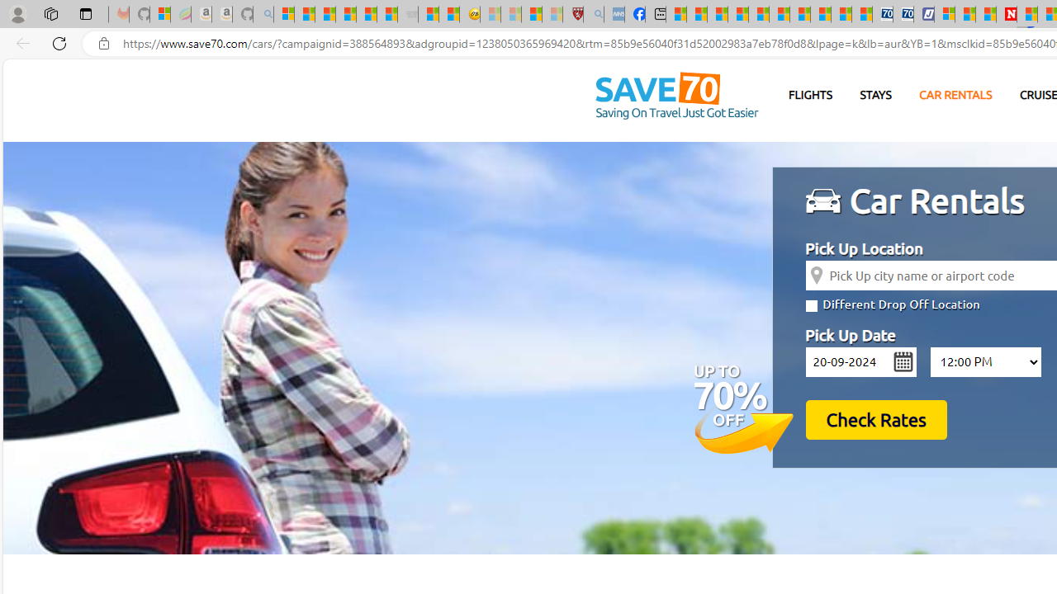  Describe the element at coordinates (59, 42) in the screenshot. I see `'Refresh'` at that location.